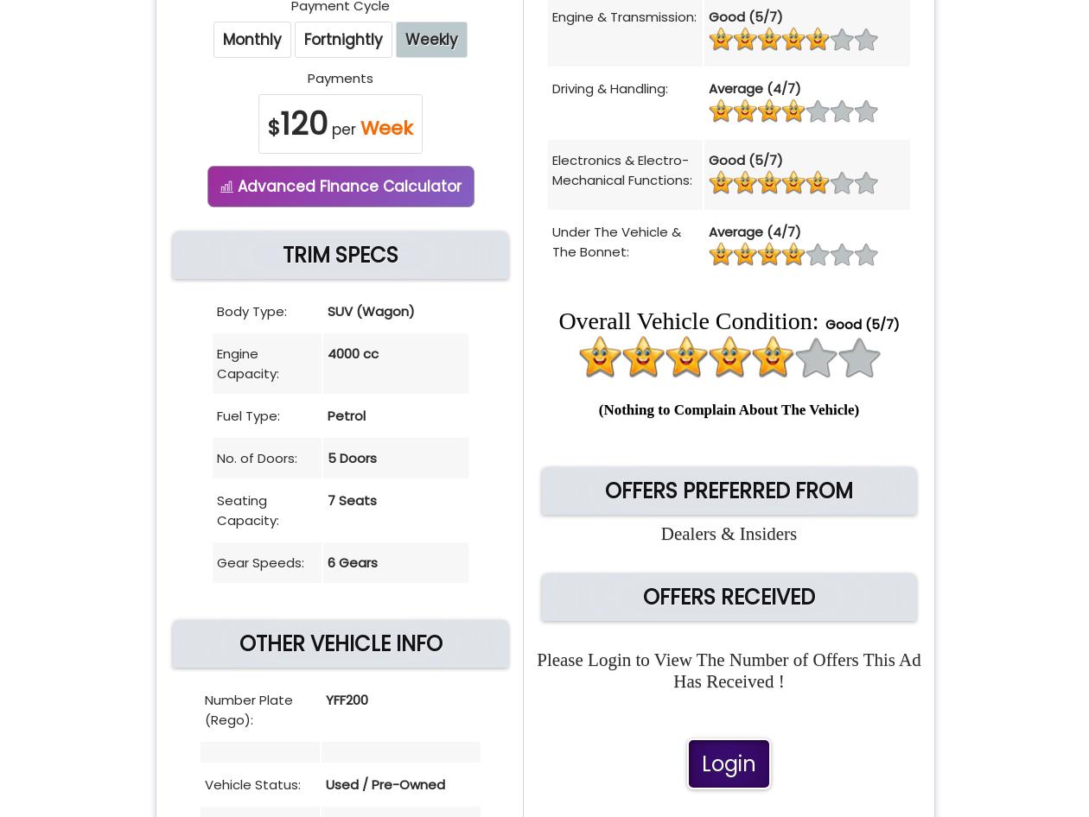 The height and width of the screenshot is (817, 1089). I want to click on 'Body Type:', so click(252, 311).